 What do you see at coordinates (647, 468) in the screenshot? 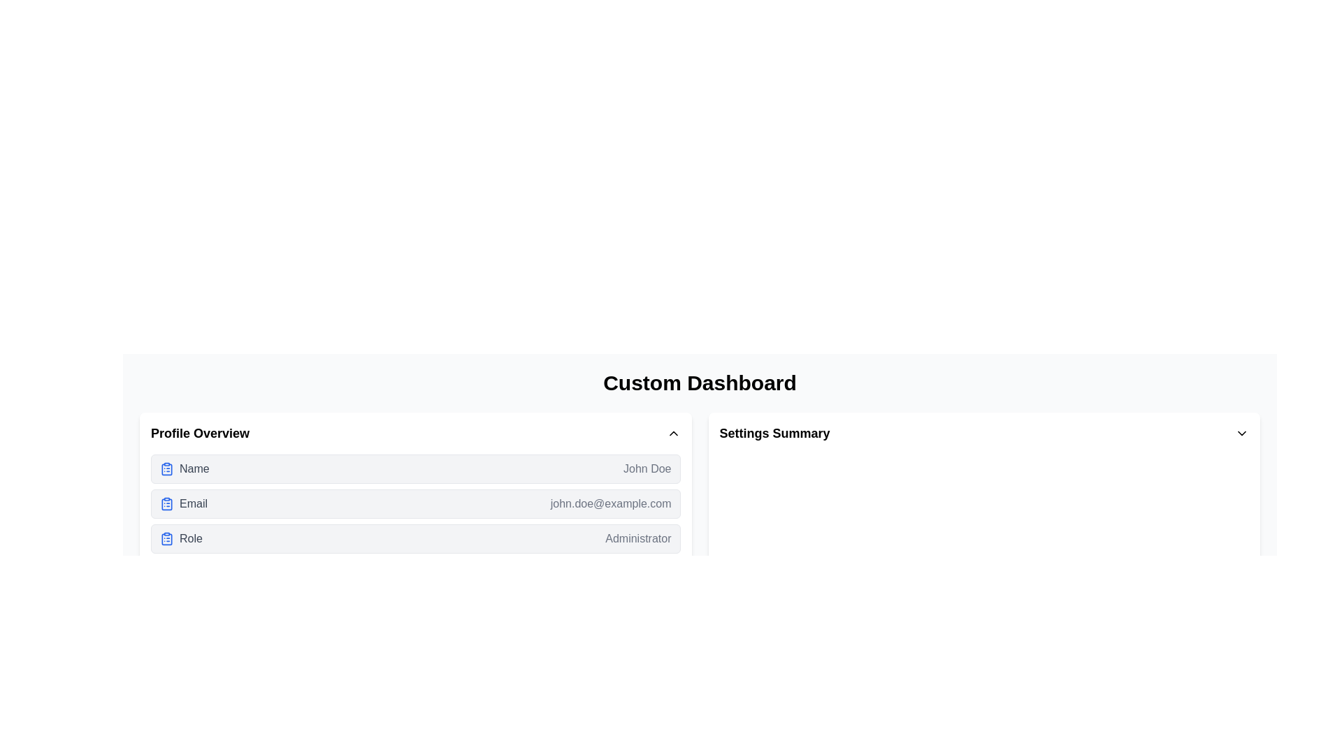
I see `the text label displaying 'John Doe' in the 'Profile Overview' section of the dashboard` at bounding box center [647, 468].